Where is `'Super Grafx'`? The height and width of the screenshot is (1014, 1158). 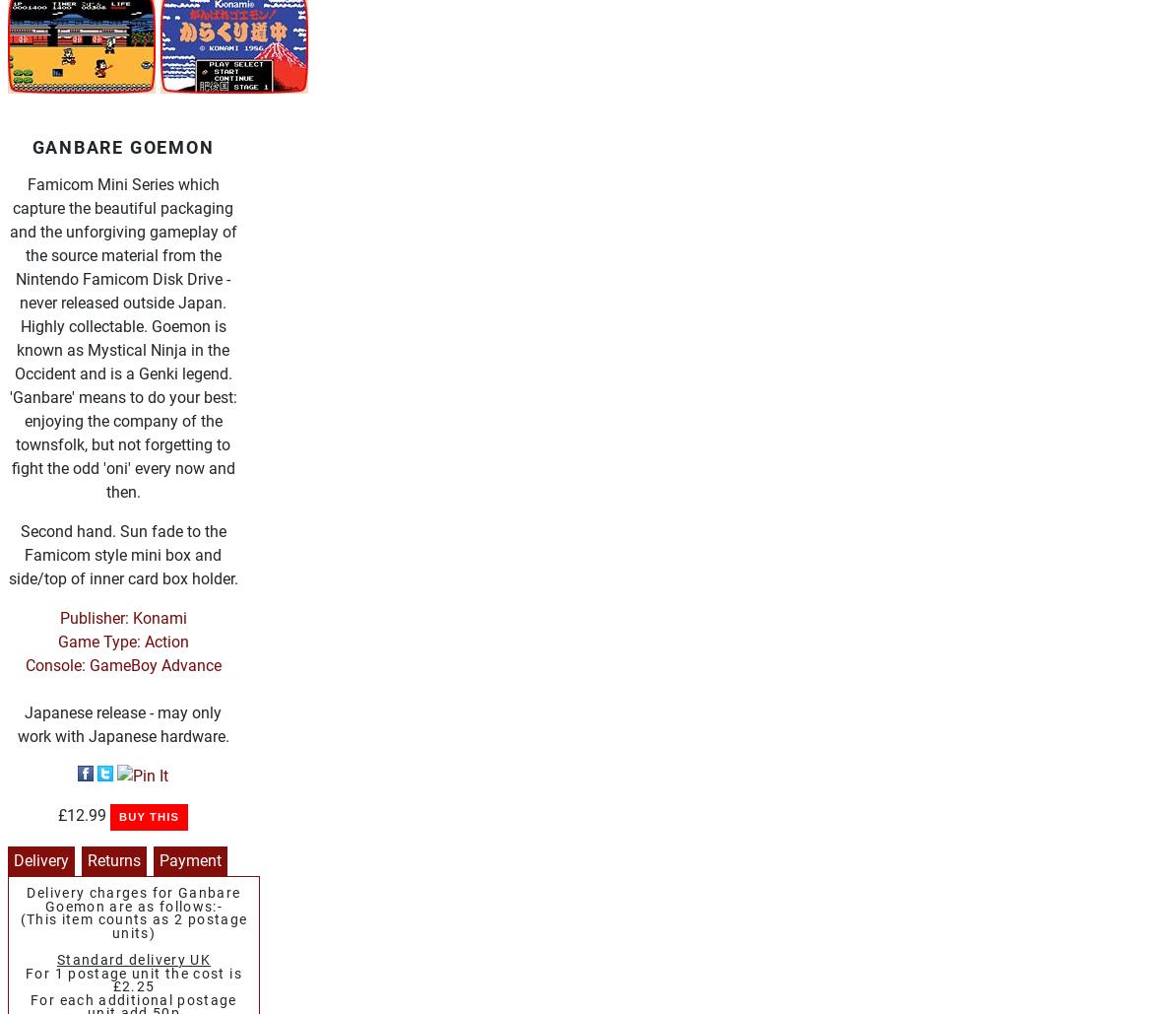
'Super Grafx' is located at coordinates (152, 777).